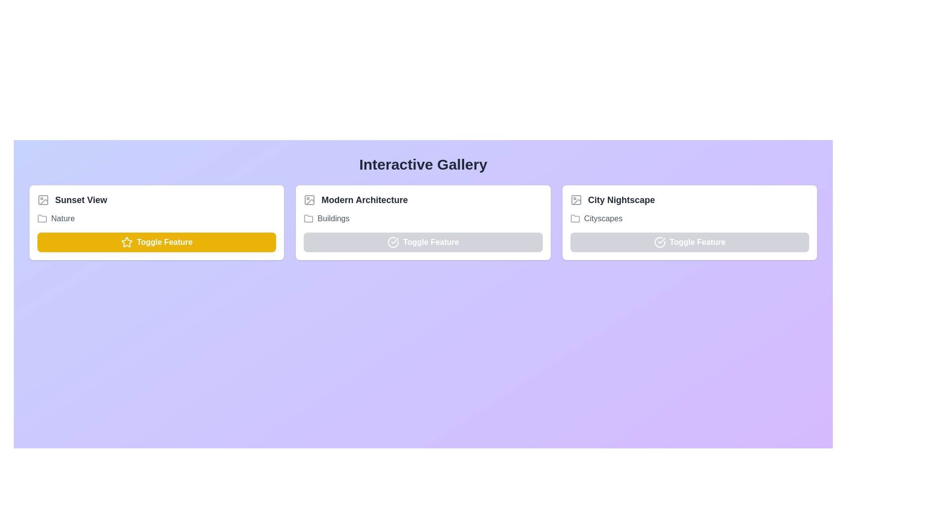 This screenshot has height=531, width=945. I want to click on the star icon, which is a five-pointed star with a hollow center and yellow fill, located within the 'Toggle Feature' button under the 'Sunset View' section, so click(126, 242).